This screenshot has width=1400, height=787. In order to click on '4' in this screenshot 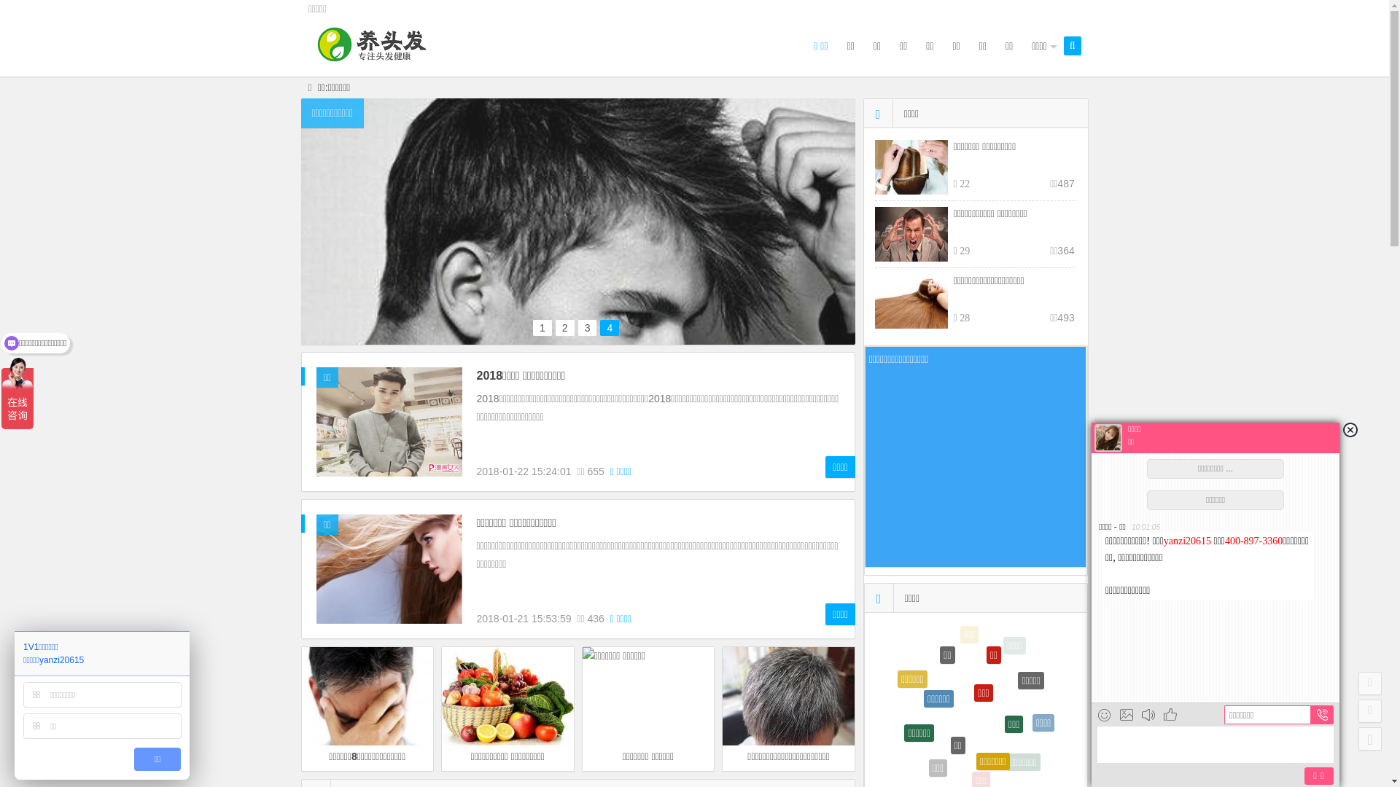, I will do `click(609, 326)`.